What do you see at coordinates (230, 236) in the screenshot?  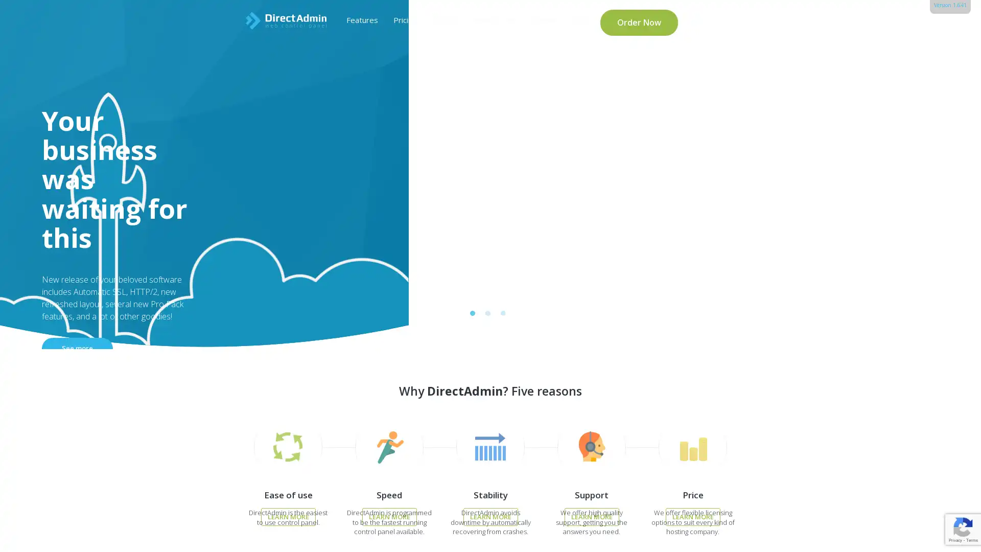 I see `See more` at bounding box center [230, 236].